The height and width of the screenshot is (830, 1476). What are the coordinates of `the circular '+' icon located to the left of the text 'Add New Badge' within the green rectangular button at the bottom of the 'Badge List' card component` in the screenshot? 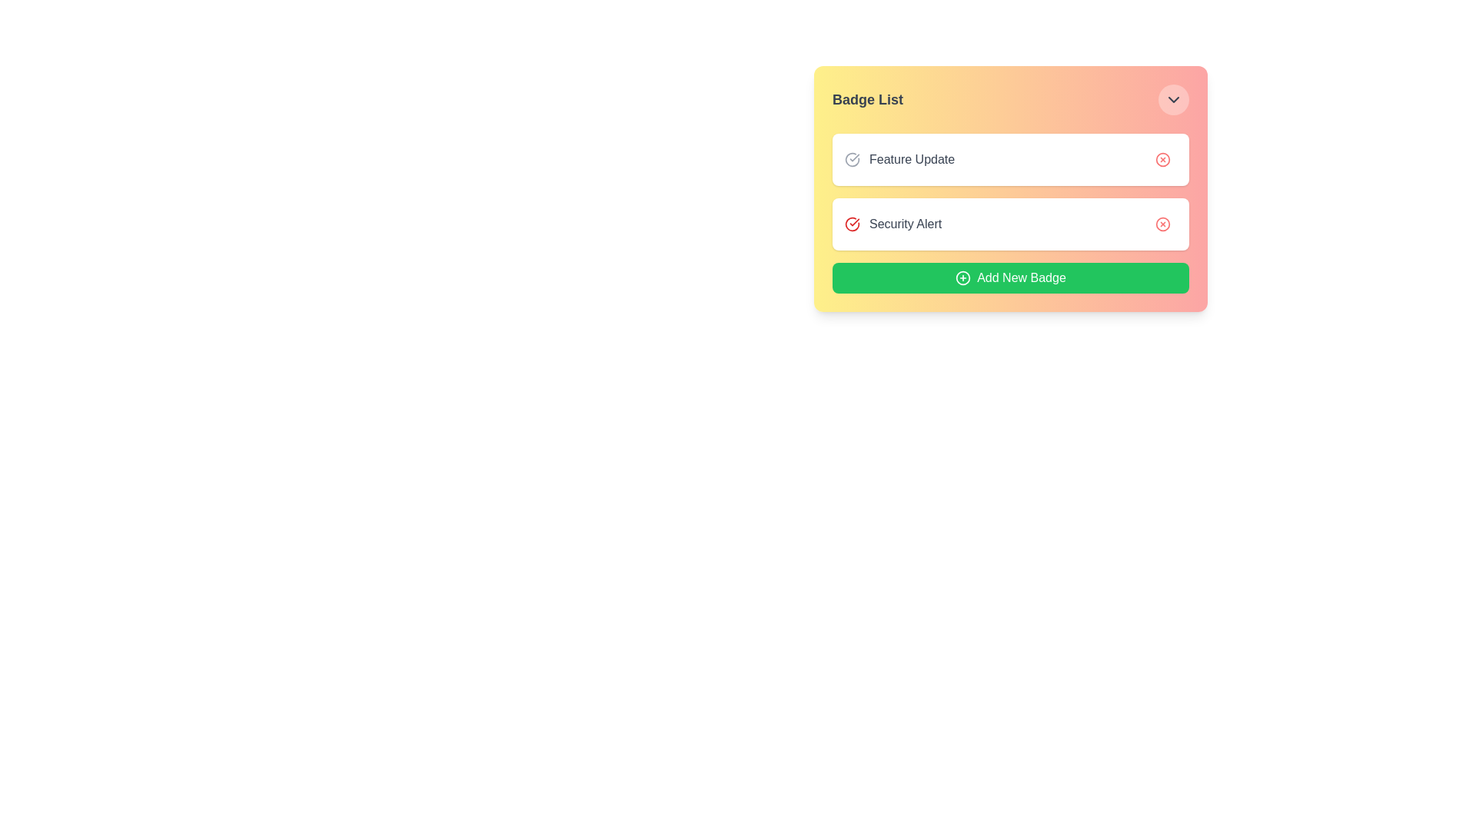 It's located at (962, 278).